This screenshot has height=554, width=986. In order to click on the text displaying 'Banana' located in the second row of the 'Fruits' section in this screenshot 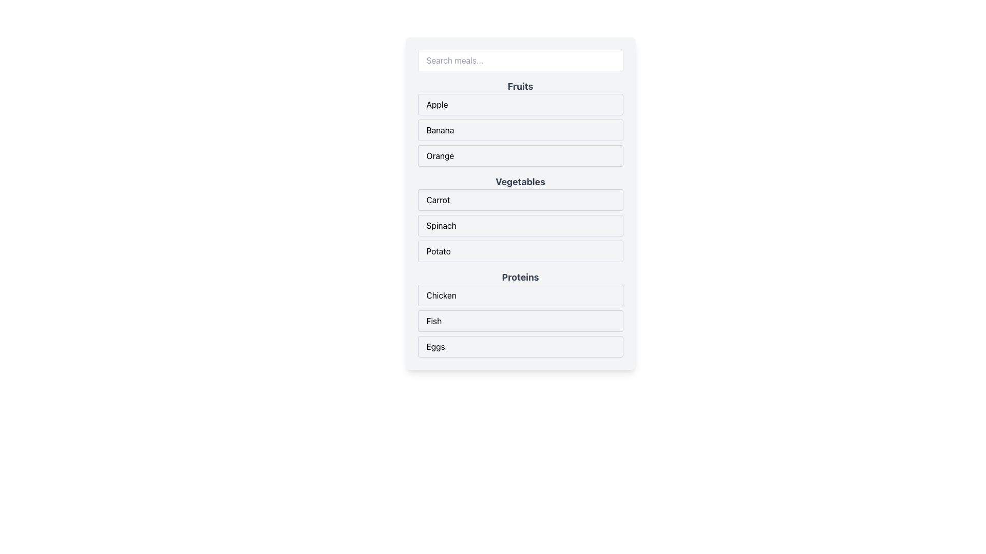, I will do `click(440, 130)`.